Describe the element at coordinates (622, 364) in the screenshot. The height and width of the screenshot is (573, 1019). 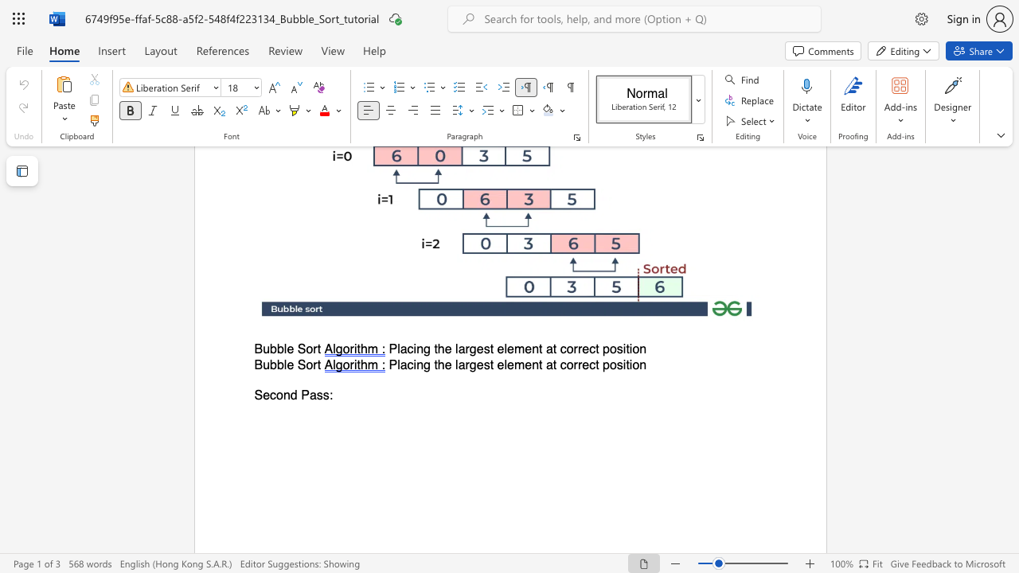
I see `the subset text "it" within the text "Placing the largest element at correct position"` at that location.